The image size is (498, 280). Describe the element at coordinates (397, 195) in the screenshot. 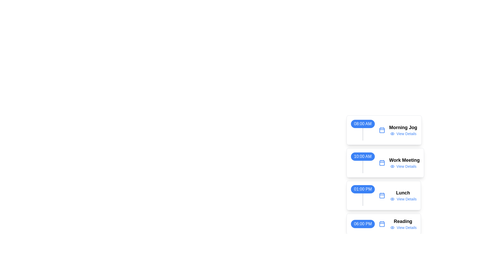

I see `the 'View Details' link in the TextBlock for the event titled 'Lunch', which is positioned in the card layout labeled '01:00 PM'` at that location.